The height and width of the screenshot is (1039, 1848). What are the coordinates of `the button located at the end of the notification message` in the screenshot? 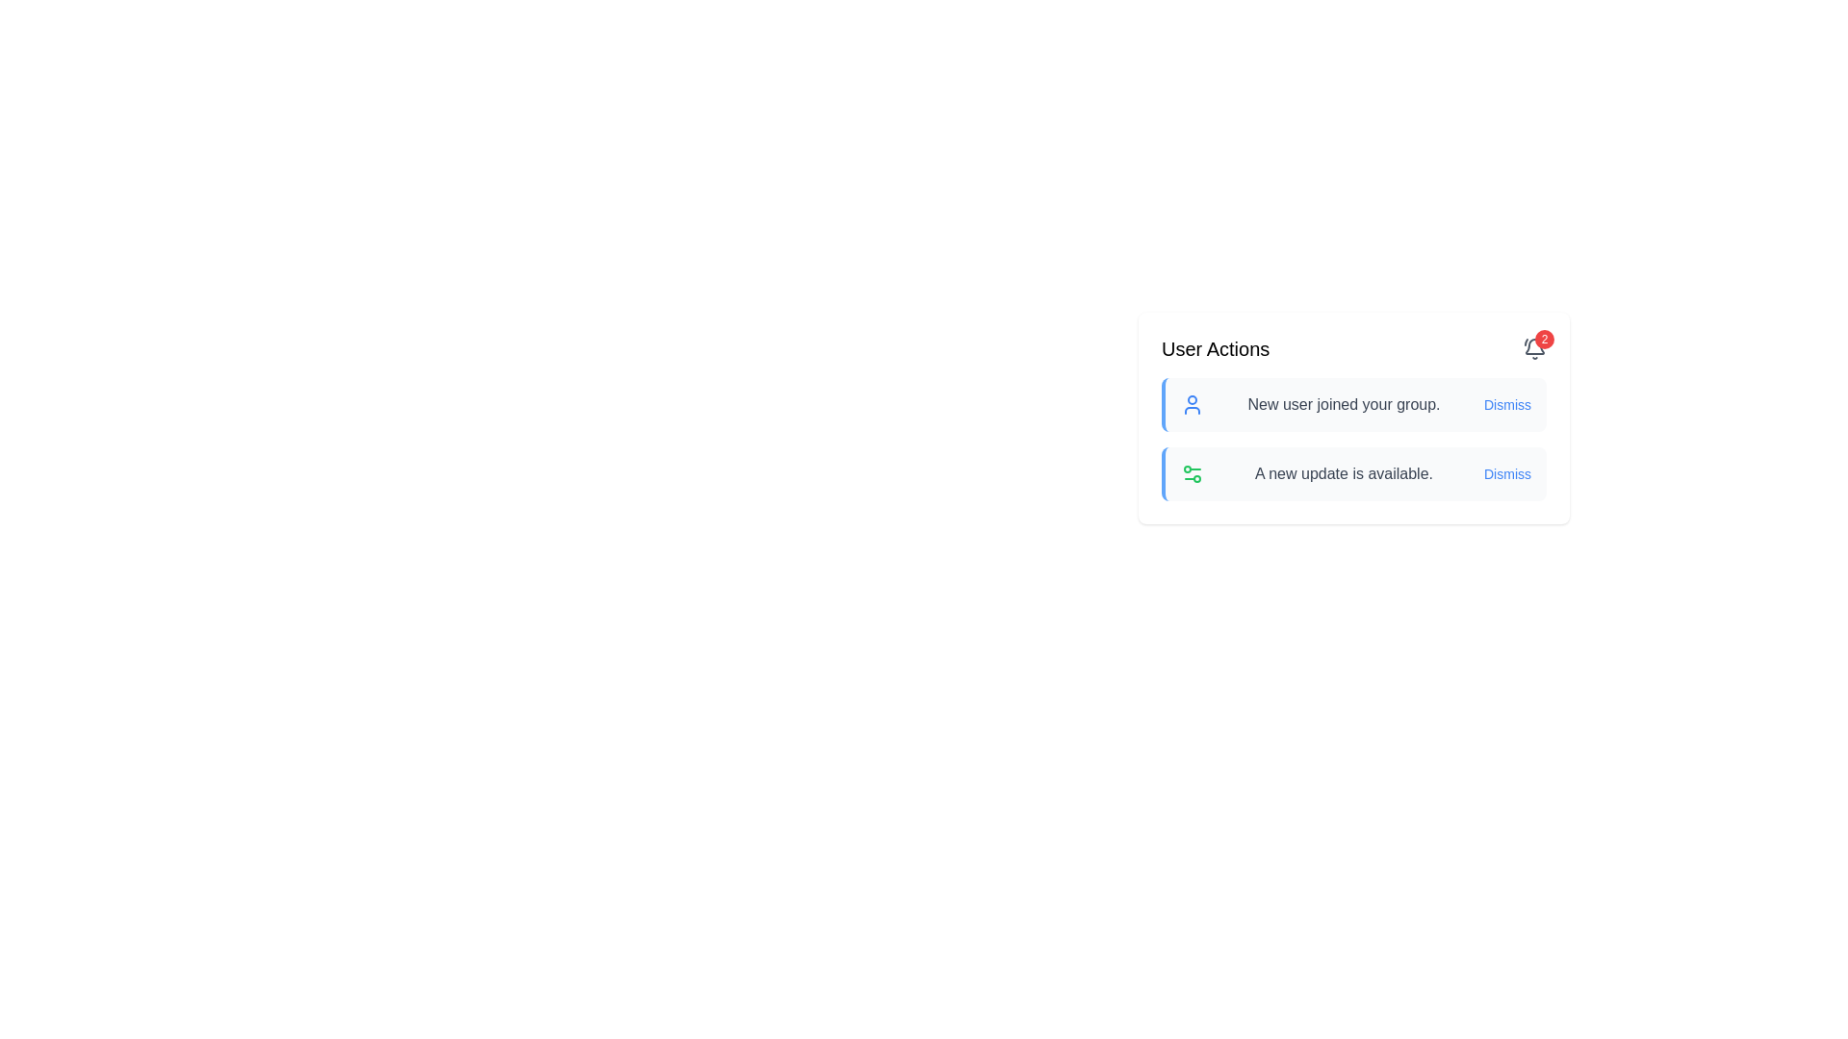 It's located at (1506, 403).